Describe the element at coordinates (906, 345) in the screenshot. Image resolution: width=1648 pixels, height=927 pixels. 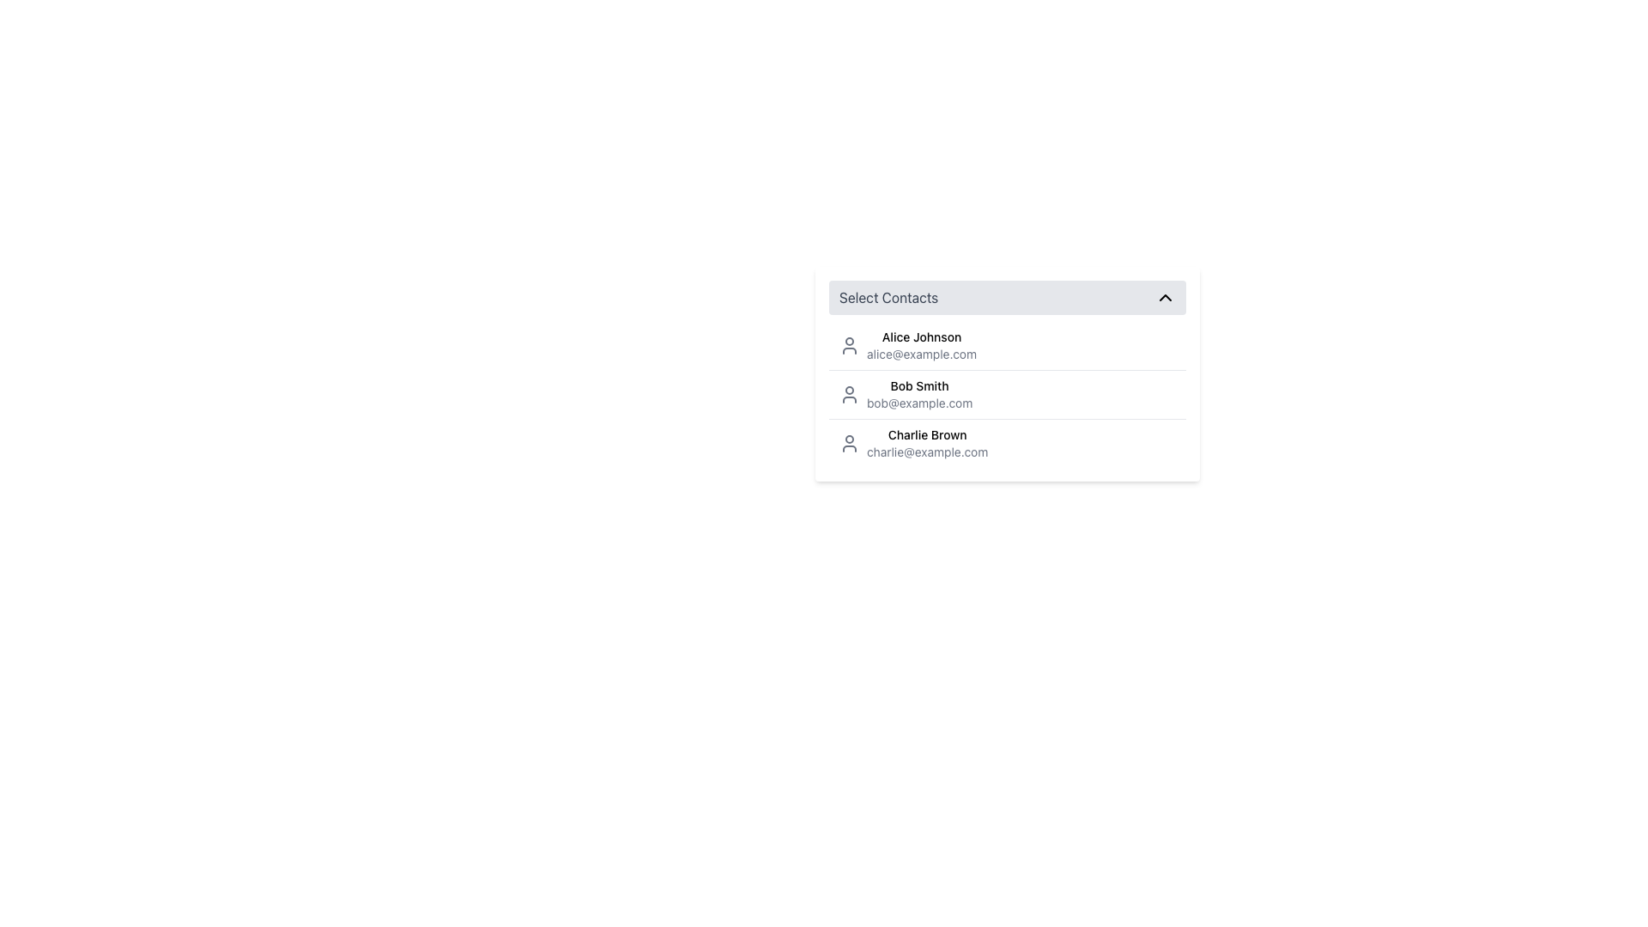
I see `the user profile item for 'Alice Johnson' in the 'Select Contacts' section, which displays the name and email address` at that location.